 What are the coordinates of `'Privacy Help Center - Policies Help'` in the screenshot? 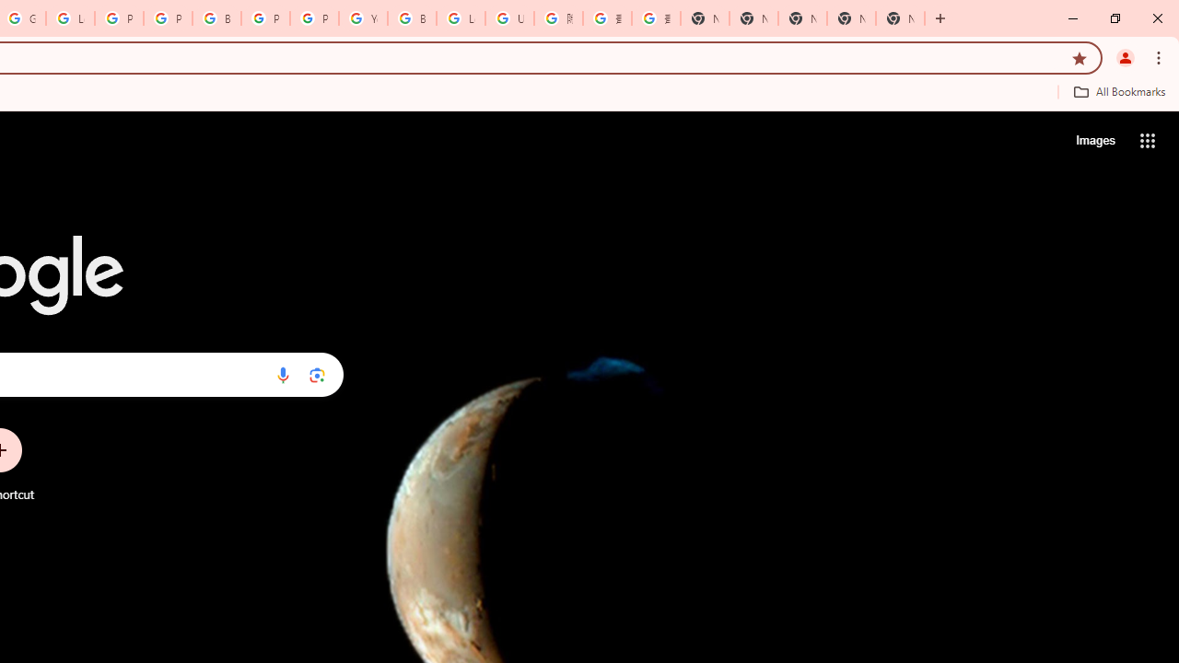 It's located at (118, 18).